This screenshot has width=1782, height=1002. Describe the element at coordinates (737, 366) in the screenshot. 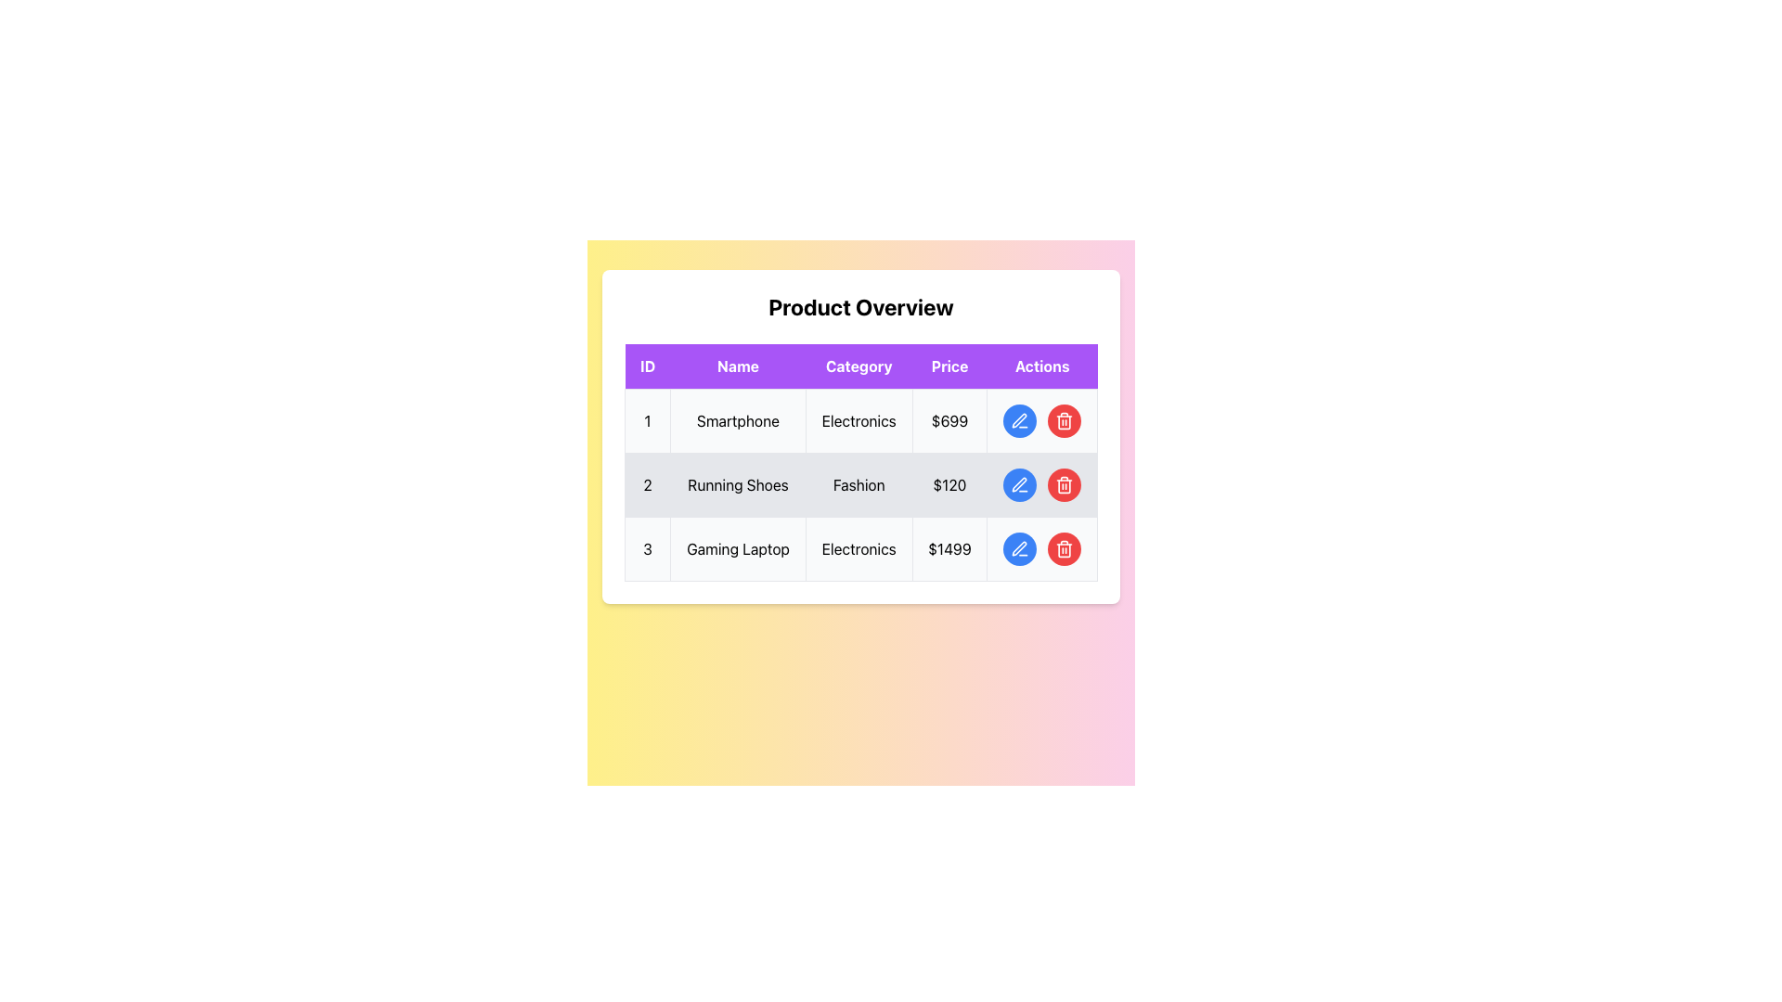

I see `the static text header element labeled 'Name' which has a white text on a purple background, located in the second cell of the header row in the table` at that location.